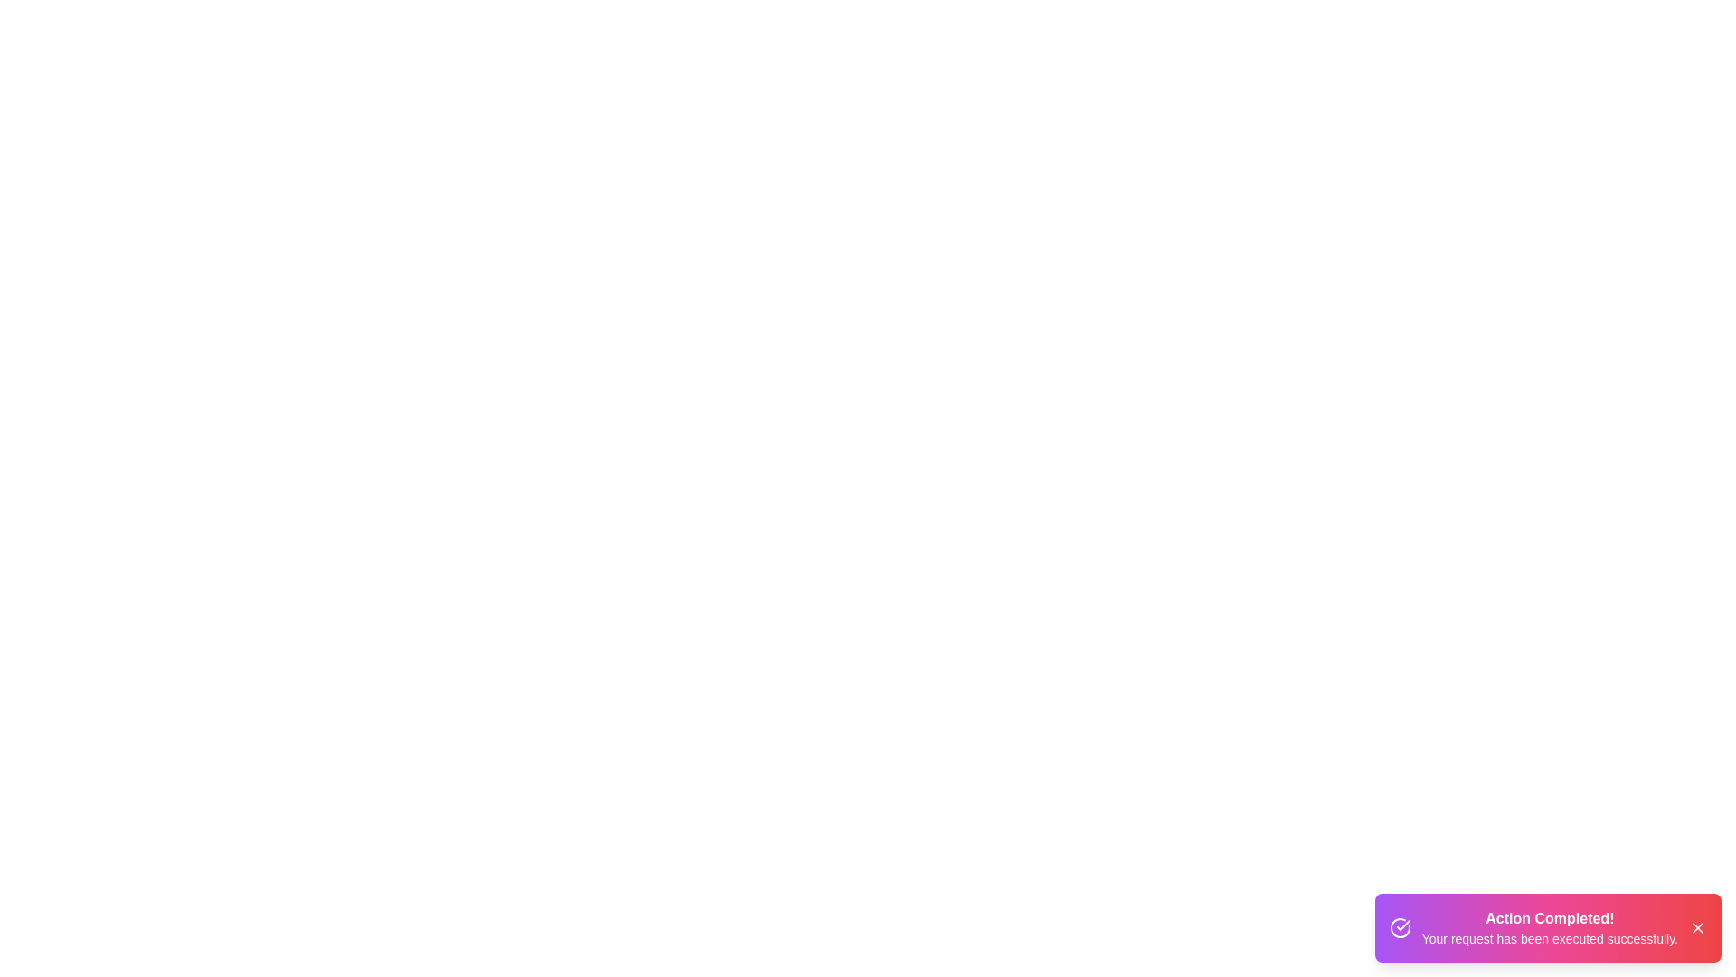  Describe the element at coordinates (1549, 918) in the screenshot. I see `the bold text label reading 'Action Completed!' with a gradient background for visual confirmation` at that location.